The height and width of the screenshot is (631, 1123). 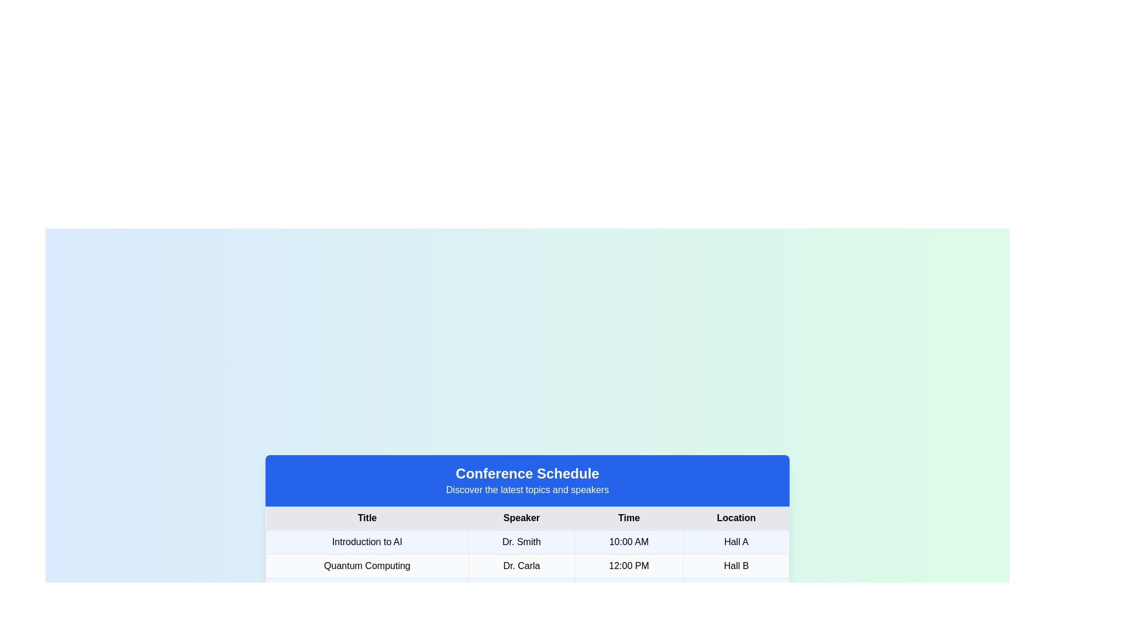 What do you see at coordinates (527, 490) in the screenshot?
I see `the text label providing information about the conference schedule, located centrally below the 'Conference Schedule' title within a blue background` at bounding box center [527, 490].